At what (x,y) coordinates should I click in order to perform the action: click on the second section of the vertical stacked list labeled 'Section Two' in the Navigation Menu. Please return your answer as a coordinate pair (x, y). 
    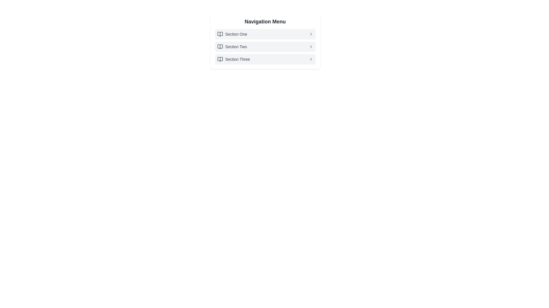
    Looking at the image, I should click on (265, 46).